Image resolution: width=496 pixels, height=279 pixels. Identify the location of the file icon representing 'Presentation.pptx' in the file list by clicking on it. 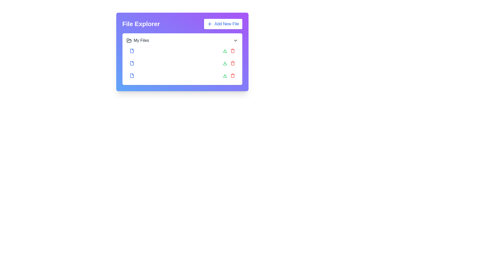
(132, 76).